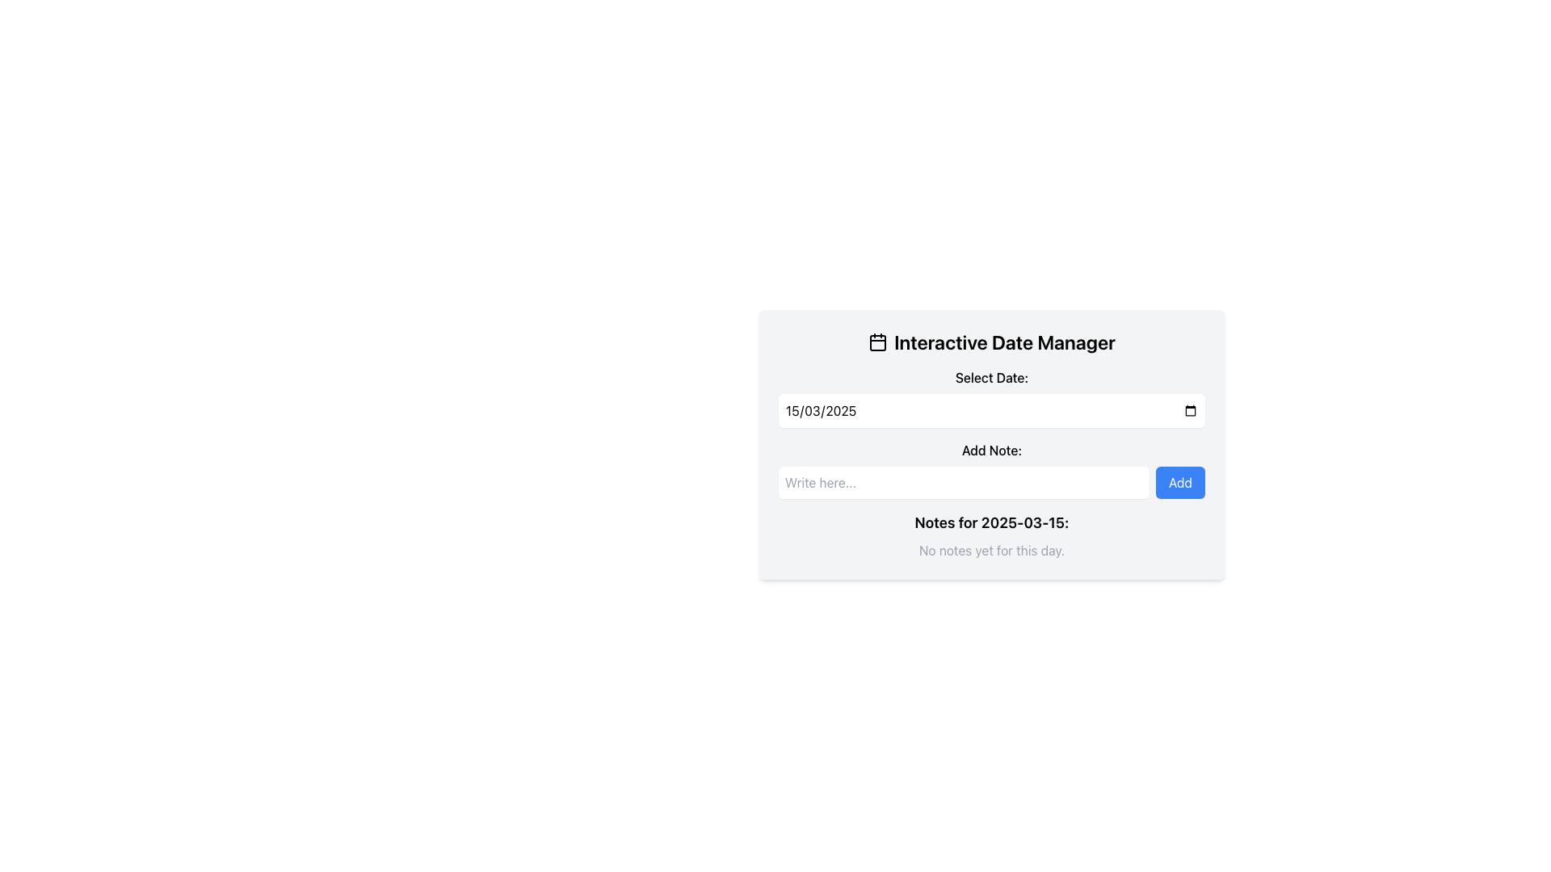  What do you see at coordinates (991, 398) in the screenshot?
I see `a date using the calendar icon found in the date input field labeled 'Select Date:' which is part of the 'Interactive Date Manager' section` at bounding box center [991, 398].